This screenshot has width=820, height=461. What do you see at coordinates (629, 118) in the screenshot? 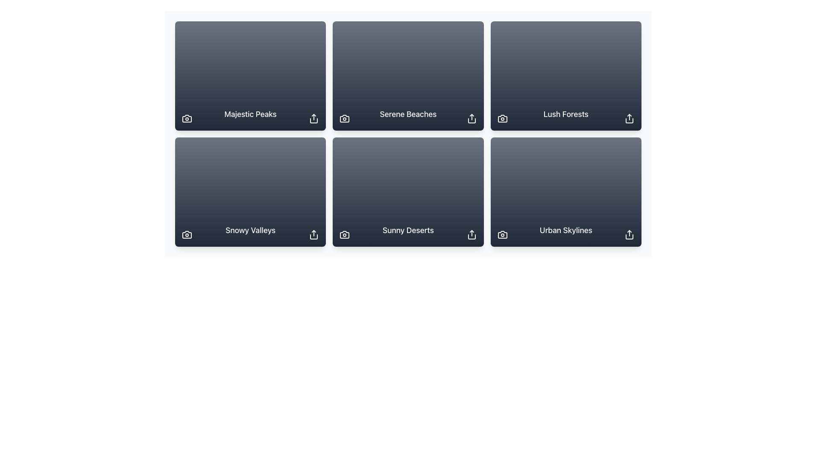
I see `the share icon located at the bottom-right corner of the card labeled 'Lush Forests'` at bounding box center [629, 118].